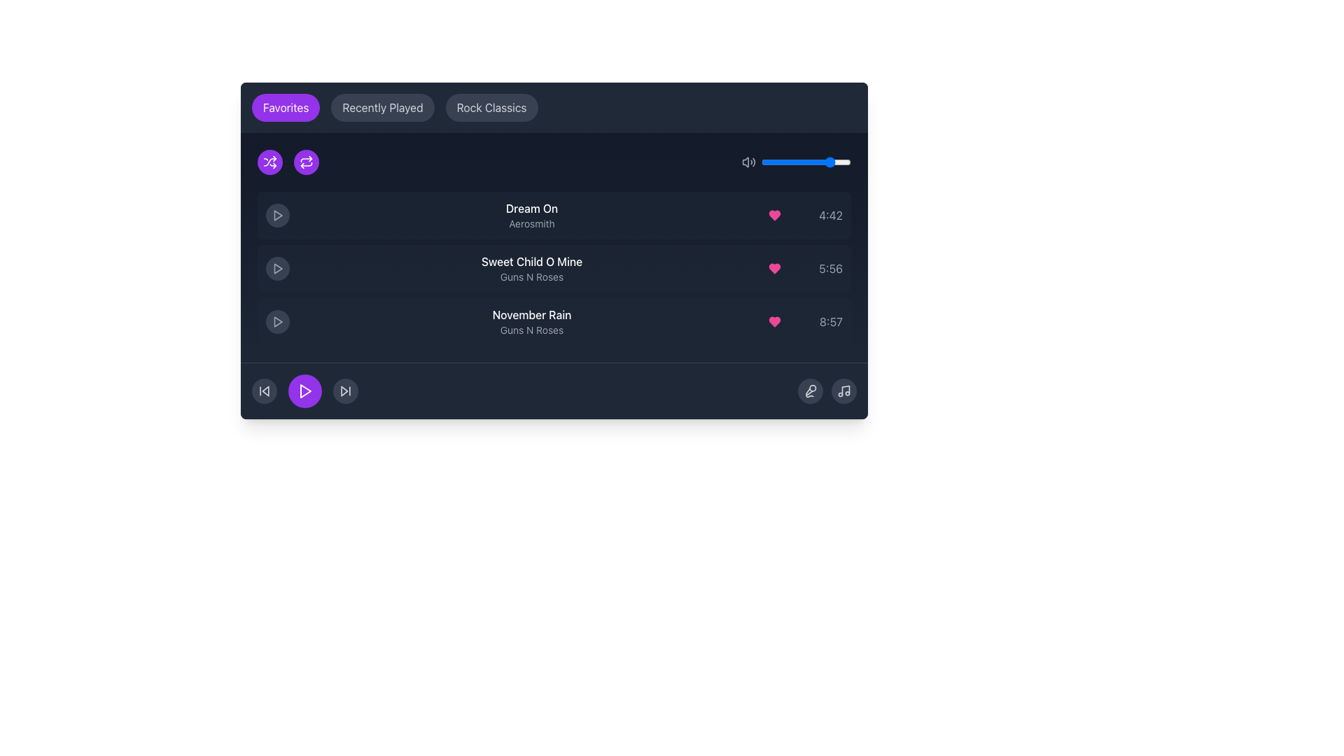 The image size is (1344, 756). What do you see at coordinates (346, 391) in the screenshot?
I see `the circular button with a dark gray background and a white forward skip icon to skip to the next track` at bounding box center [346, 391].